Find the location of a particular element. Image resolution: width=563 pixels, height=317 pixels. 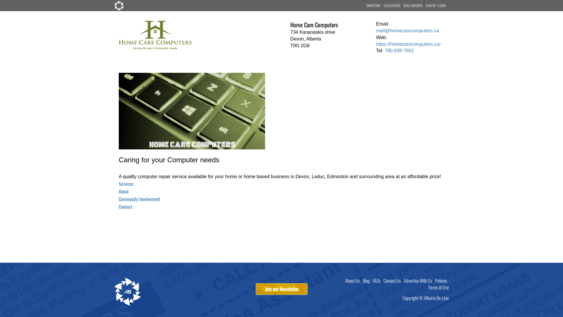

'DEAL CHECKER' is located at coordinates (403, 5).